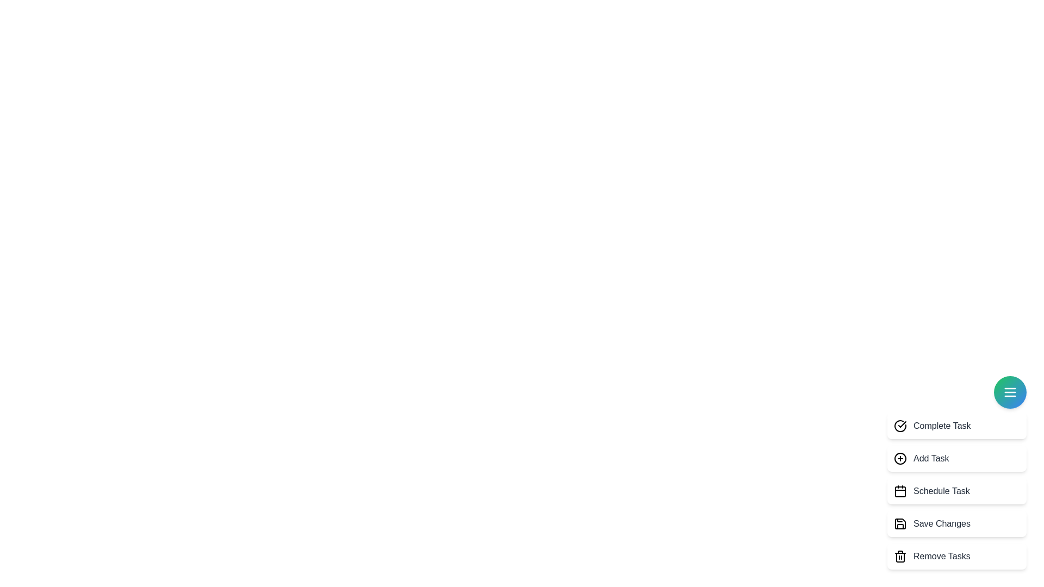 The height and width of the screenshot is (587, 1044). Describe the element at coordinates (1009, 392) in the screenshot. I see `the menu button to toggle the visibility of the menu` at that location.